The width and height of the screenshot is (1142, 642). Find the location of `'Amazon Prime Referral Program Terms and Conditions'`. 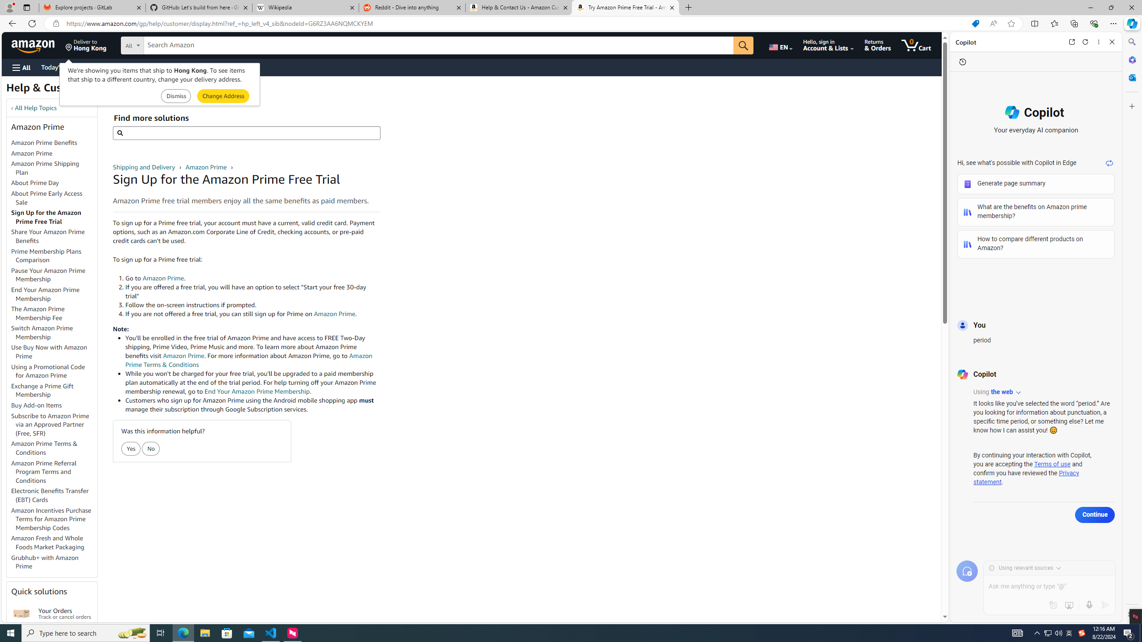

'Amazon Prime Referral Program Terms and Conditions' is located at coordinates (54, 472).